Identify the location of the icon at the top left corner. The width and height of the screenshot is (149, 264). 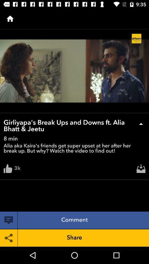
(10, 19).